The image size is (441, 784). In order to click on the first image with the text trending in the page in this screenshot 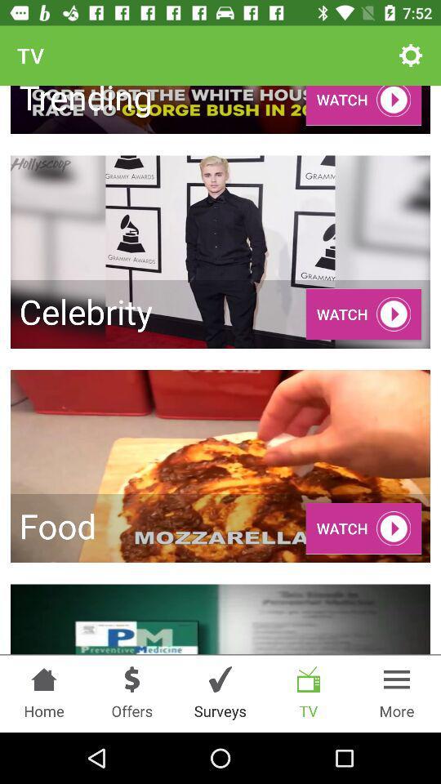, I will do `click(220, 109)`.